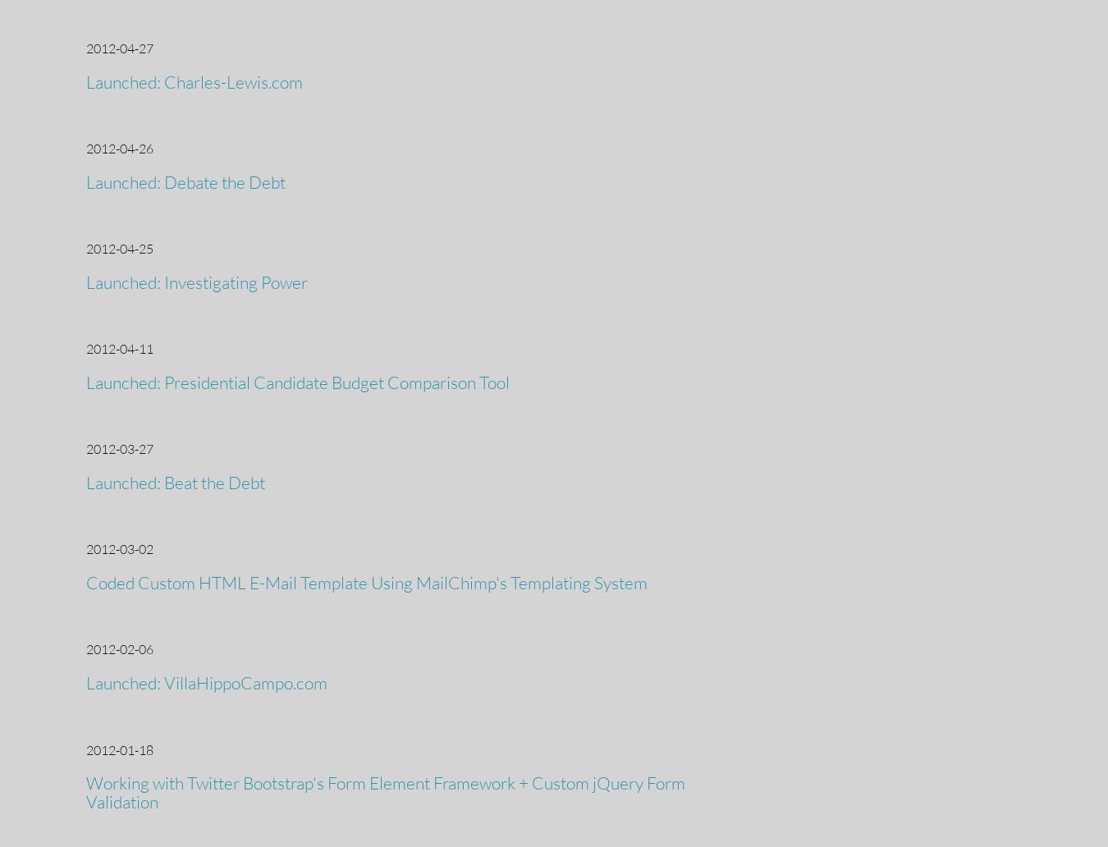  I want to click on 'Launched: Charles-Lewis.com', so click(194, 80).